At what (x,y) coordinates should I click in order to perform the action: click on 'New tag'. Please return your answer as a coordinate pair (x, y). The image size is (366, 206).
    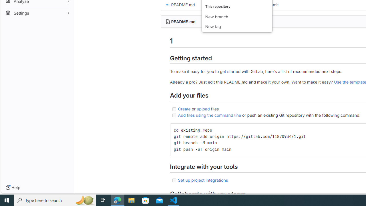
    Looking at the image, I should click on (237, 27).